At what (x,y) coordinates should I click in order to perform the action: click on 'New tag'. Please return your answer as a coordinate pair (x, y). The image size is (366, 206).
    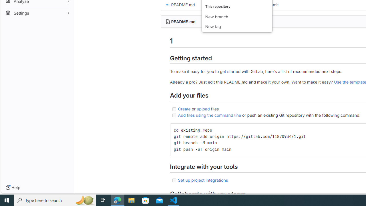
    Looking at the image, I should click on (237, 27).